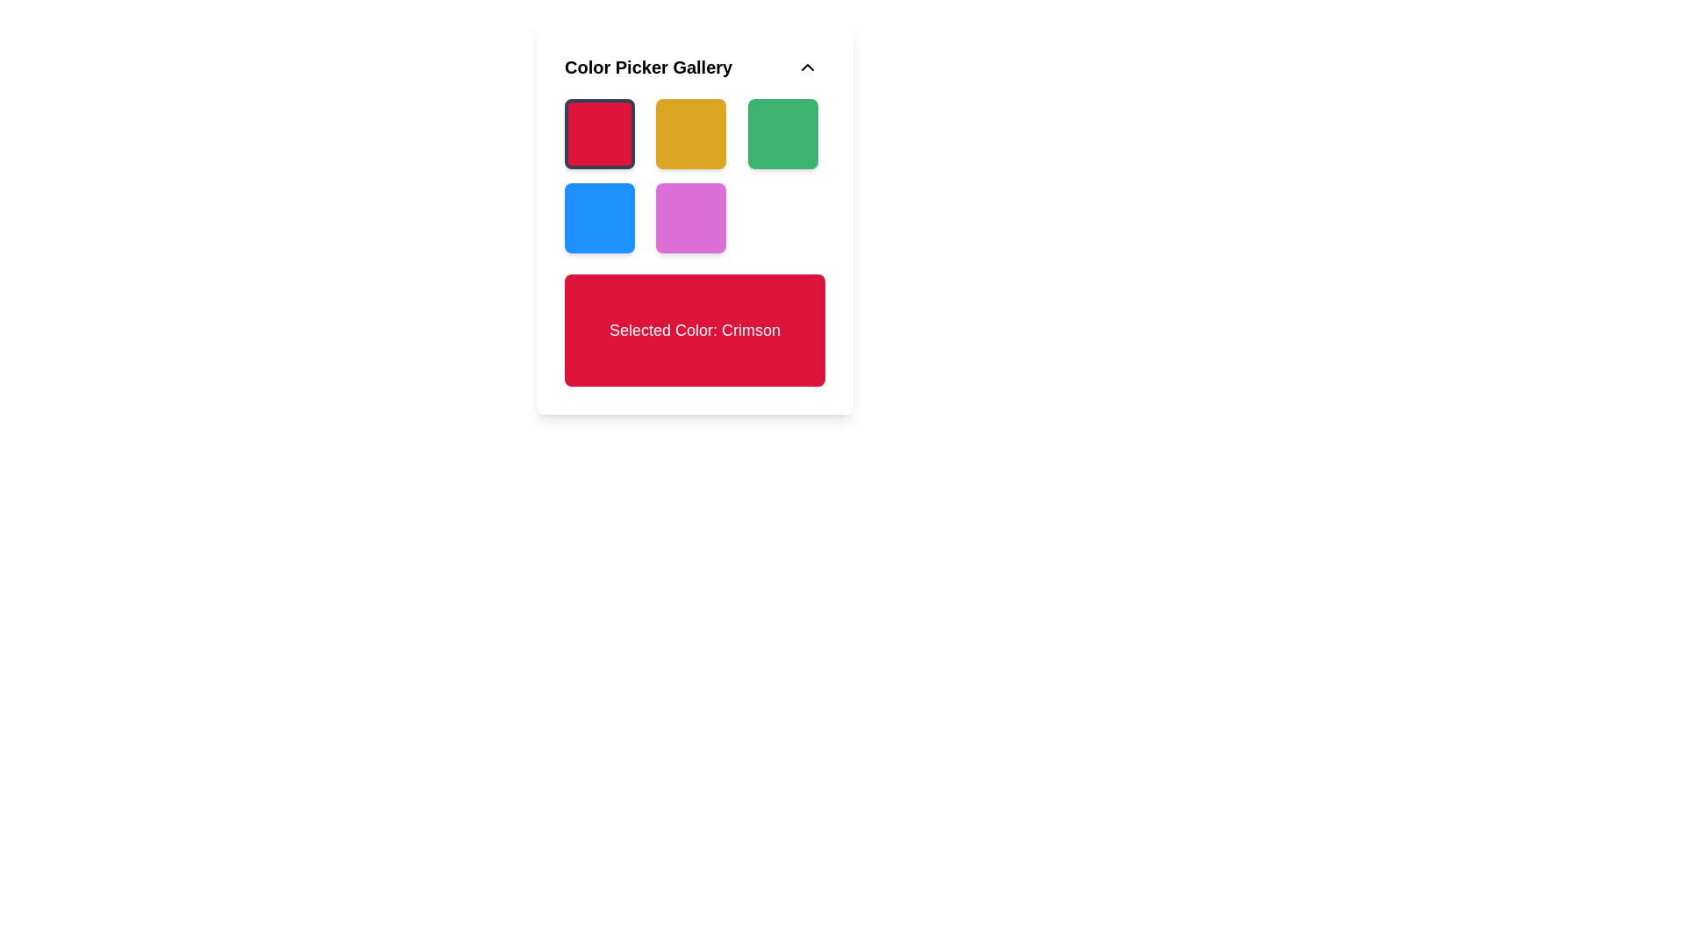 The image size is (1684, 947). I want to click on the toggle button located at the top-right corner of the 'Color Picker Gallery' card, so click(807, 67).